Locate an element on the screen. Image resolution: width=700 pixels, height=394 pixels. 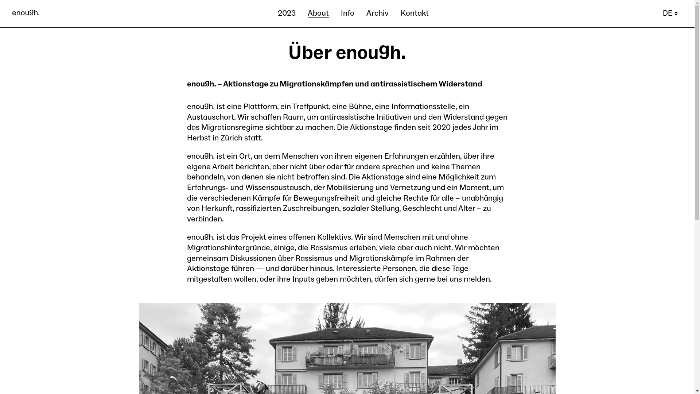
'enough.' is located at coordinates (26, 13).